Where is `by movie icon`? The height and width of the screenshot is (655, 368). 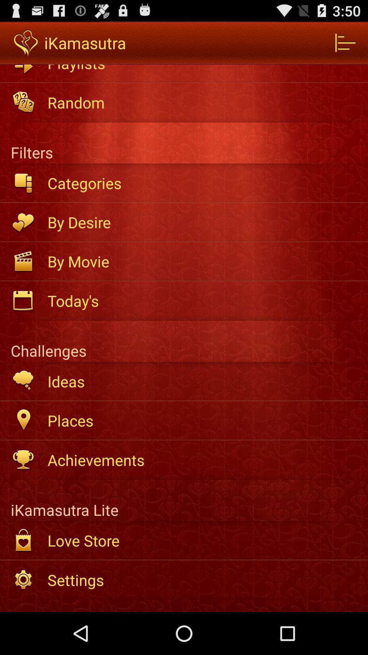 by movie icon is located at coordinates (203, 261).